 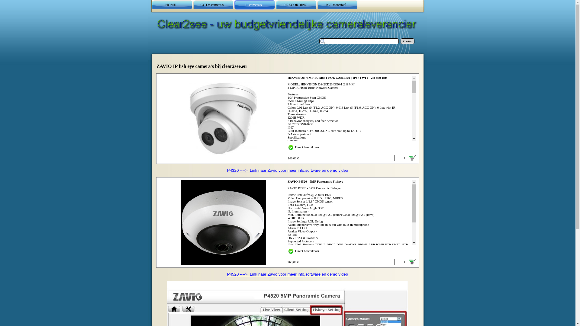 I want to click on 'Zoeken', so click(x=400, y=41).